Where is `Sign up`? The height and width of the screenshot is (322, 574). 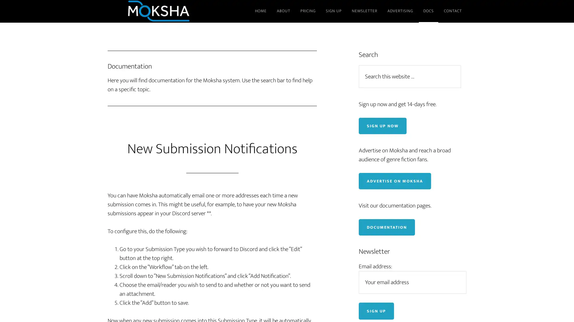
Sign up is located at coordinates (376, 310).